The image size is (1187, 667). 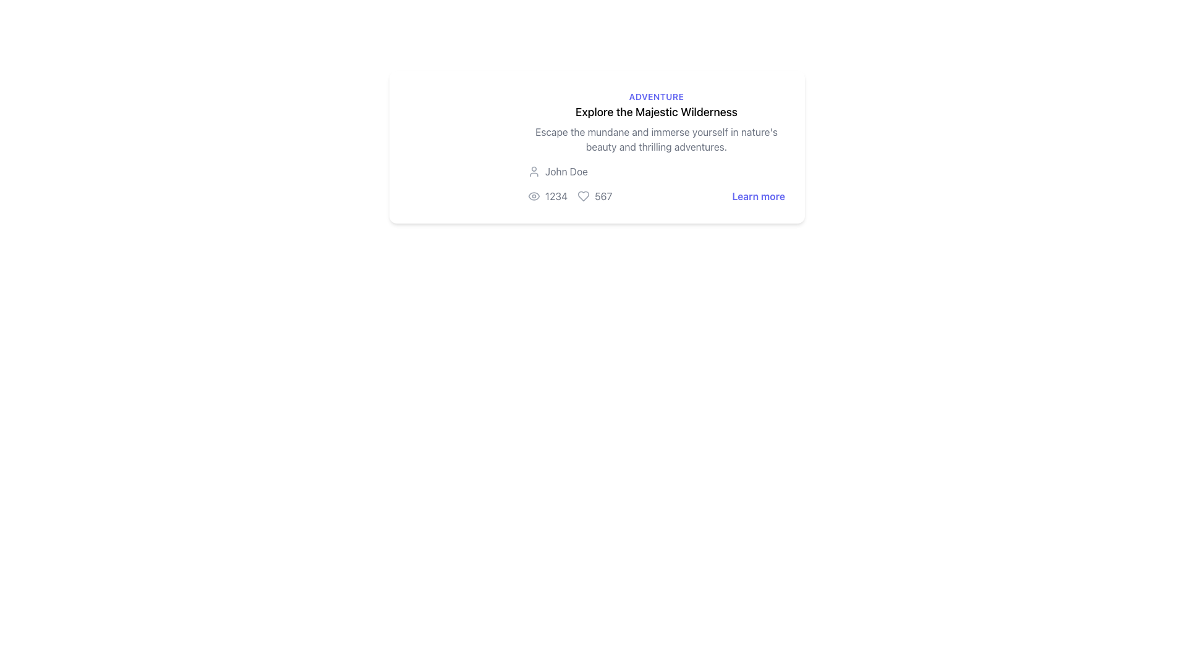 I want to click on the hyperlink styled as a heading with the text 'Explore the Majestic Wilderness', so click(x=655, y=112).